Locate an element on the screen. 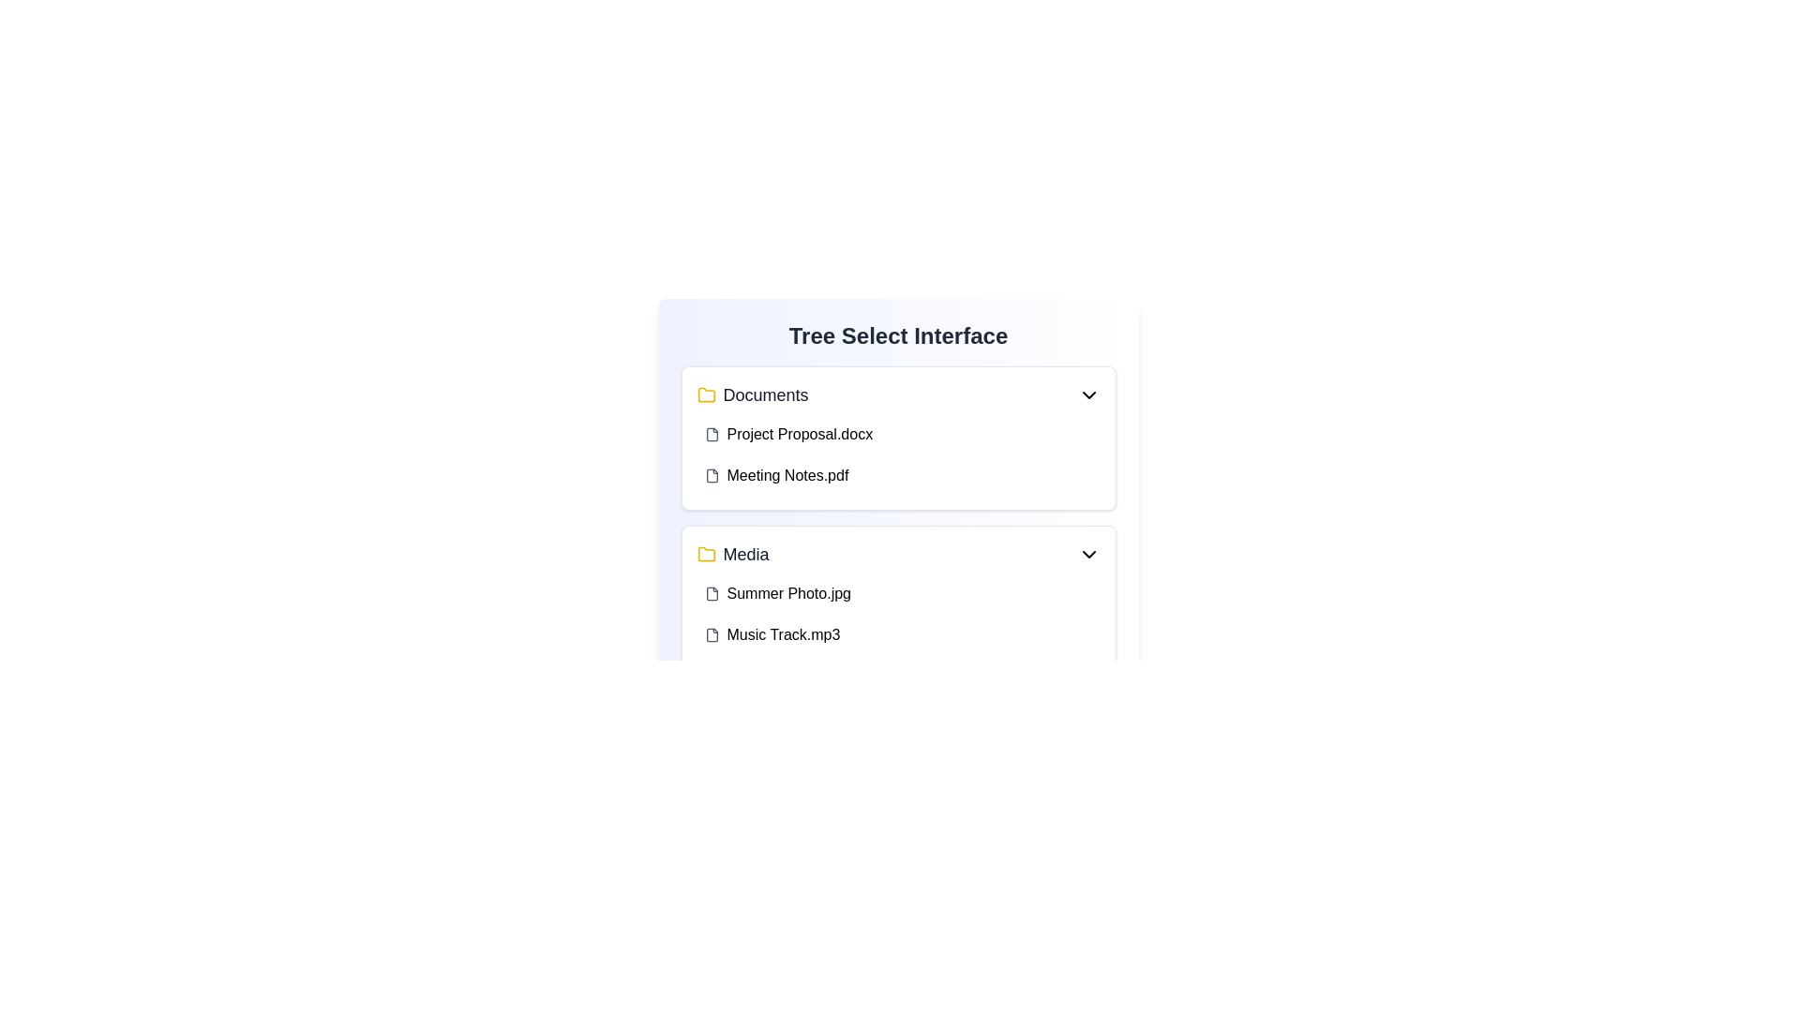 Image resolution: width=1800 pixels, height=1012 pixels. the document icon, which is a simplified outline of a document with a folded corner, located in the 'Documents' section near 'Project Proposal.docx' is located at coordinates (711, 434).